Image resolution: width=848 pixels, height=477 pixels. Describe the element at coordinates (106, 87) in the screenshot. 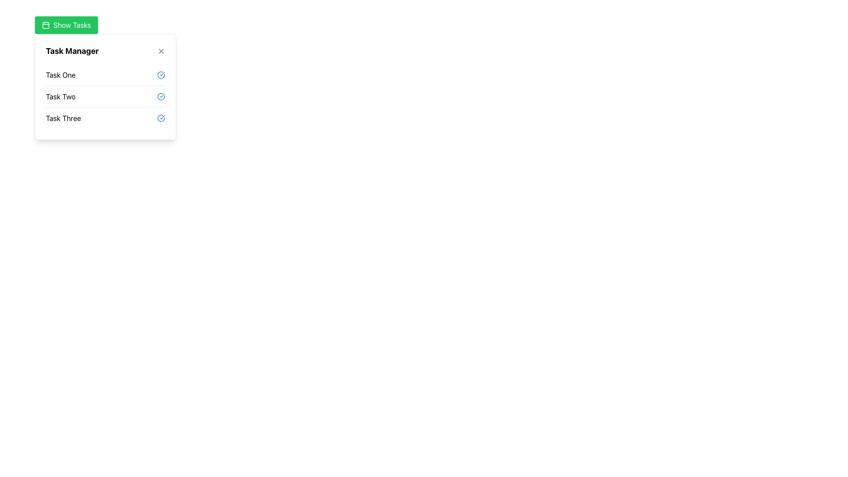

I see `the second list item, 'Task Two', in the vertical list of tasks` at that location.